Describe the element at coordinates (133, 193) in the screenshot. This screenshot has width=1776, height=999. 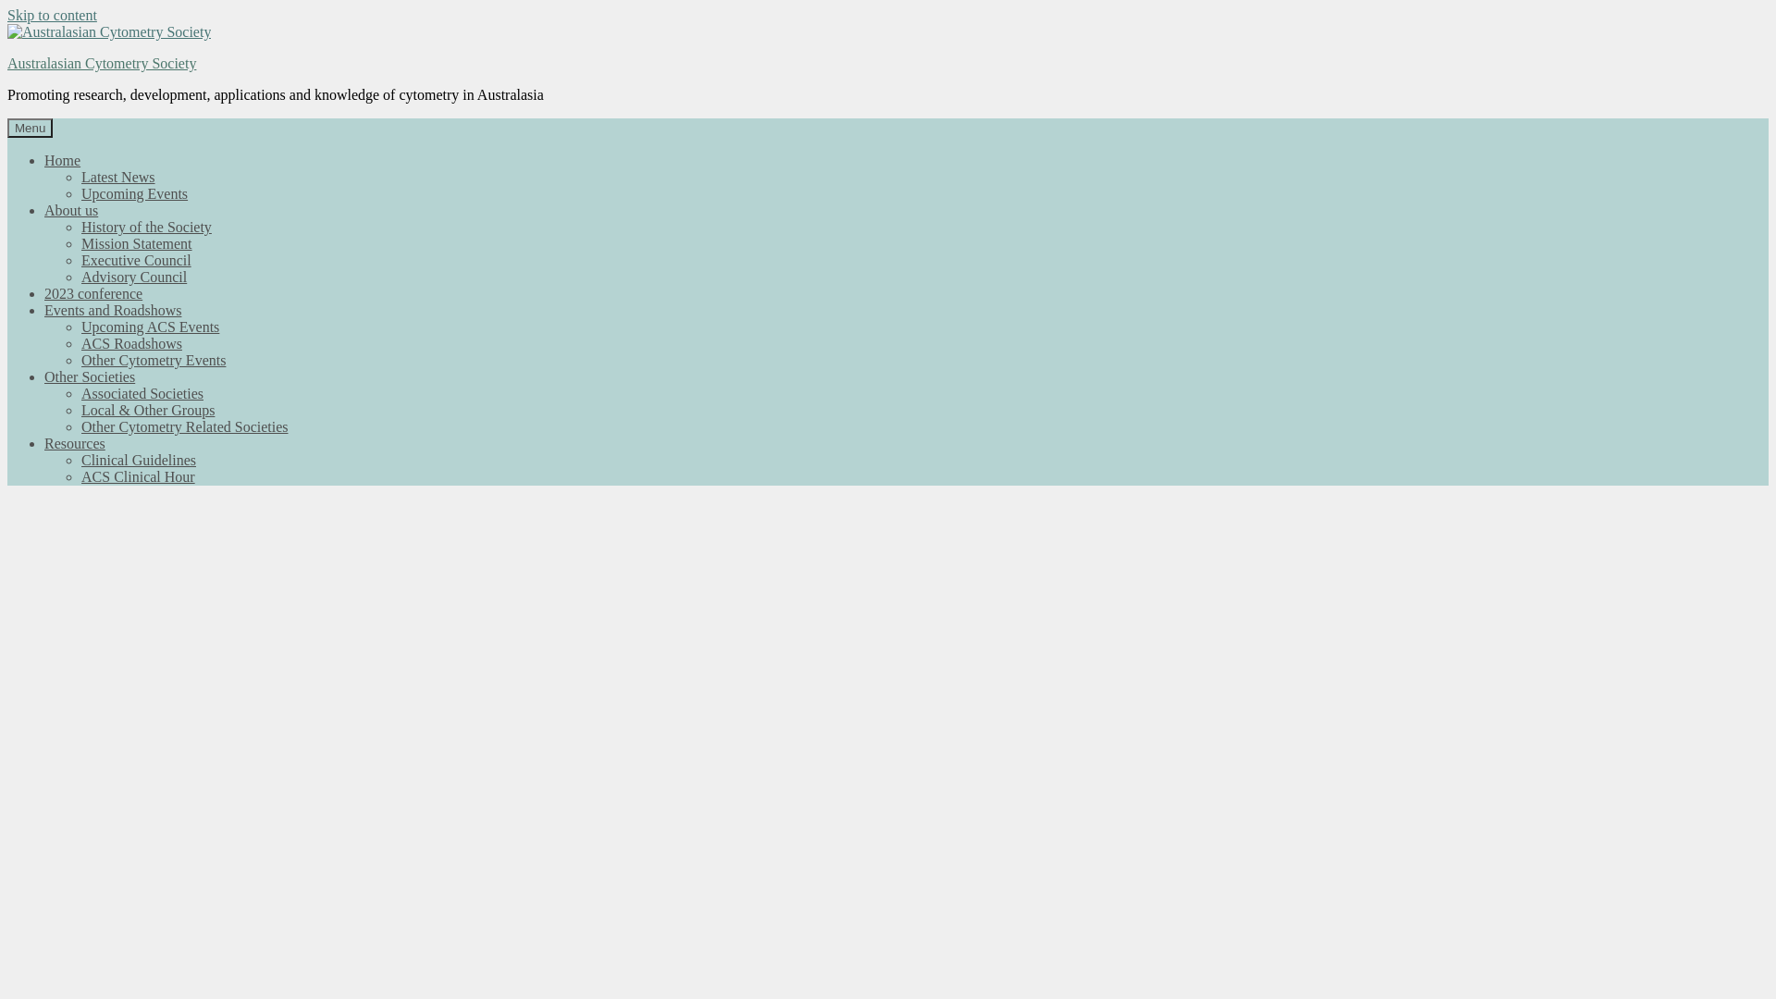
I see `'Upcoming Events'` at that location.